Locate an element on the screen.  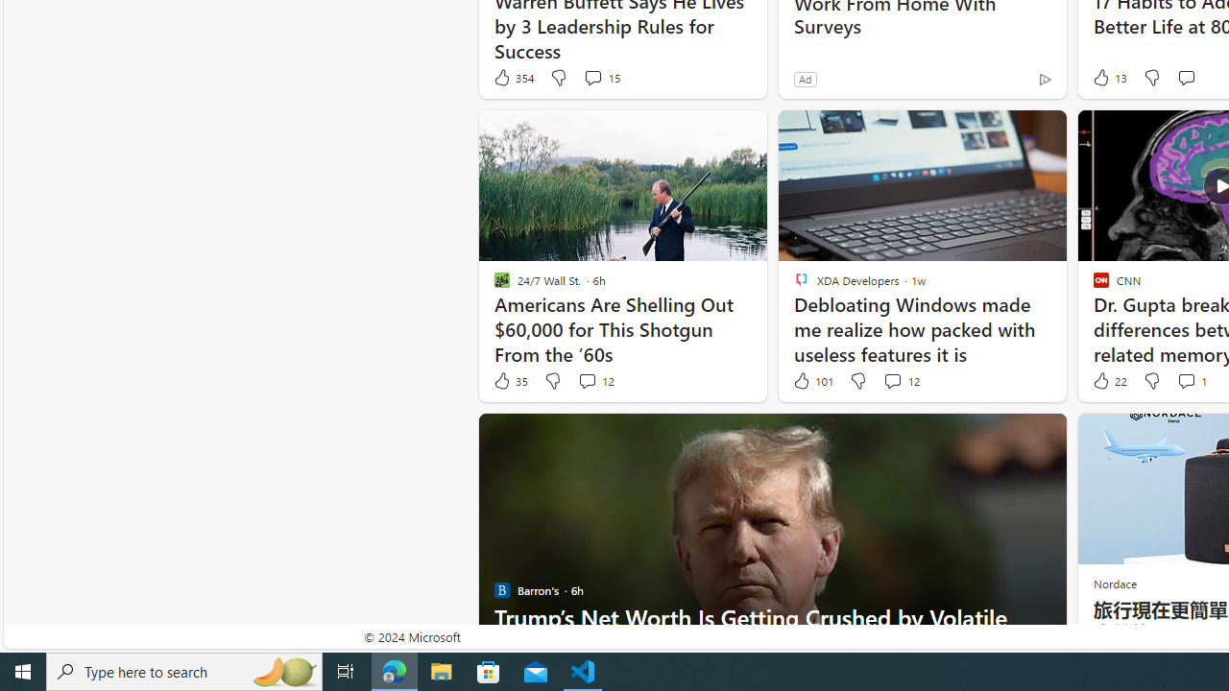
'View comments 15 Comment' is located at coordinates (591, 77).